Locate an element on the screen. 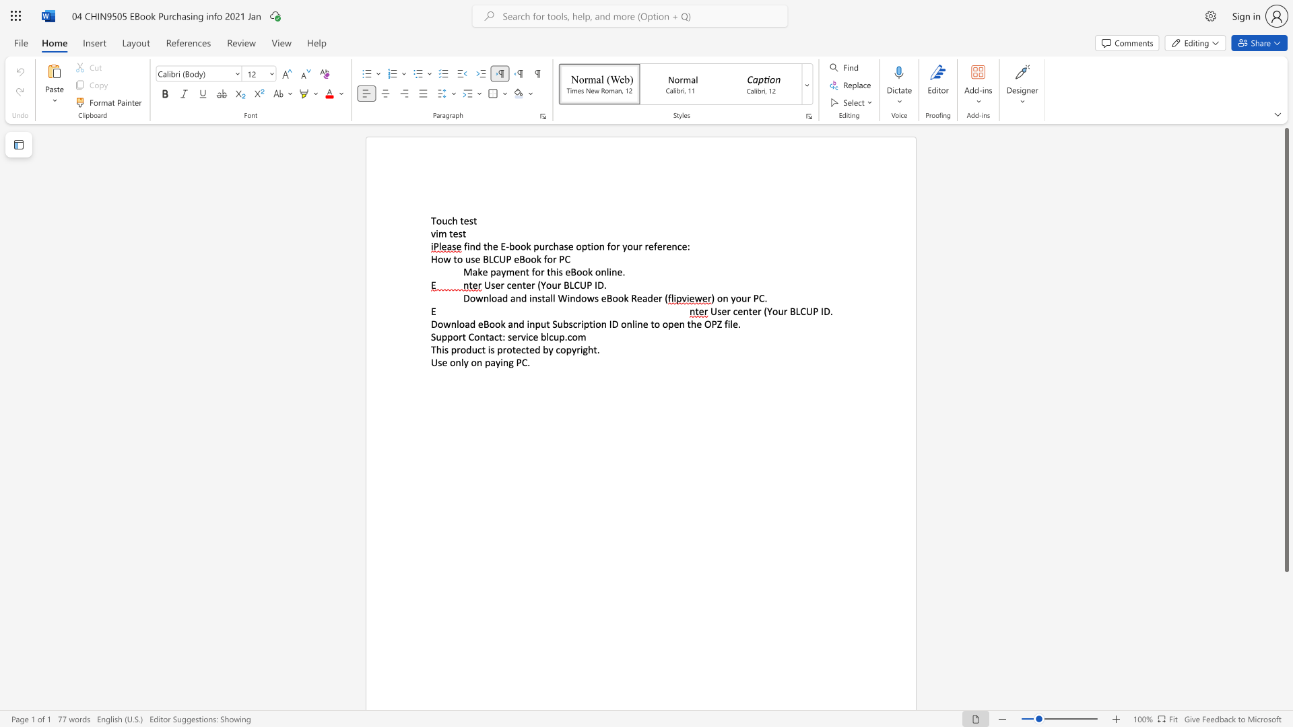  the subset text "ur reference" within the text "for your reference:" is located at coordinates (632, 246).